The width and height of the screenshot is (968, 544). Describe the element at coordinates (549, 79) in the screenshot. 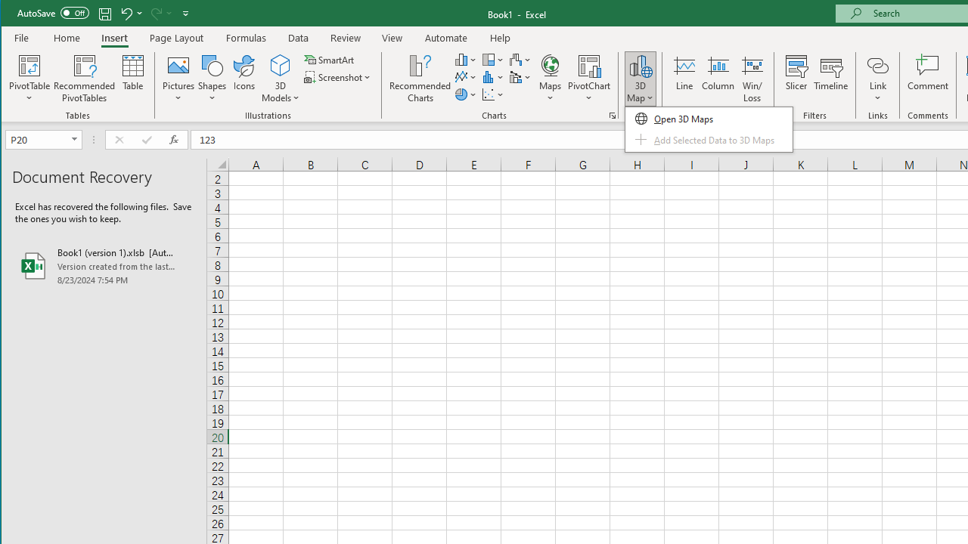

I see `'Maps'` at that location.